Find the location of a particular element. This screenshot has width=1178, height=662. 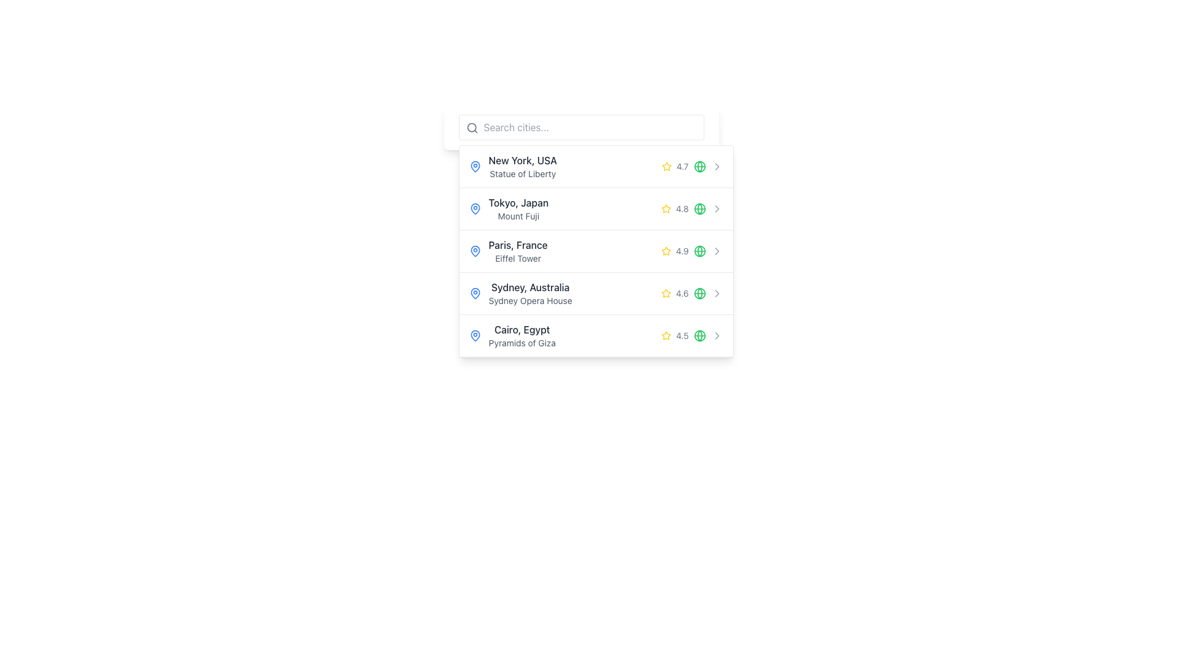

the circular part of the globe icon associated with the rating for 'Paris, France' in the third list item of the displayed content is located at coordinates (699, 250).